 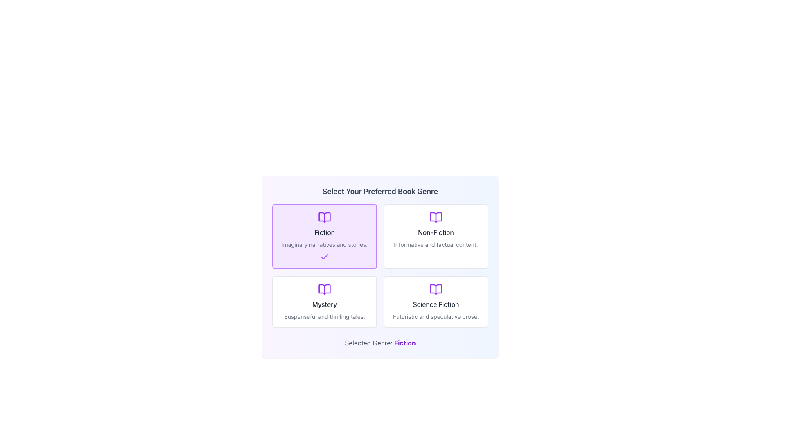 What do you see at coordinates (324, 316) in the screenshot?
I see `the descriptive text label for the 'Mystery' section to read its content` at bounding box center [324, 316].